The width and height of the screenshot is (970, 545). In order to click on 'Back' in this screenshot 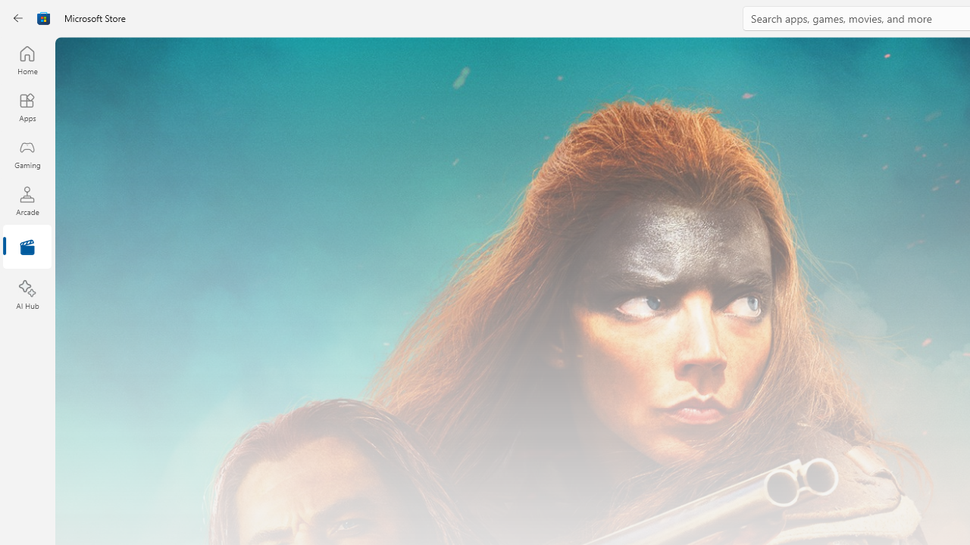, I will do `click(18, 18)`.